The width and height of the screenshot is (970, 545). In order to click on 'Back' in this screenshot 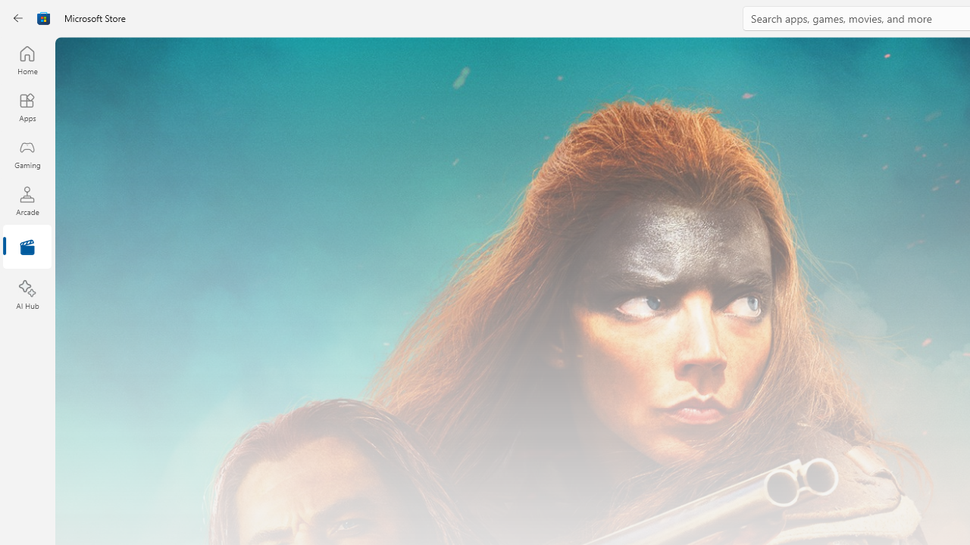, I will do `click(18, 18)`.